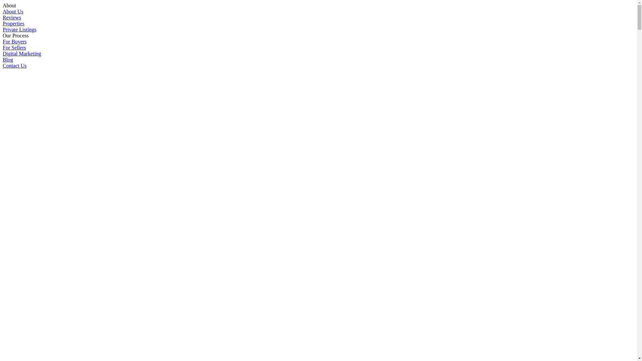 Image resolution: width=642 pixels, height=361 pixels. I want to click on 'Reviews', so click(12, 17).